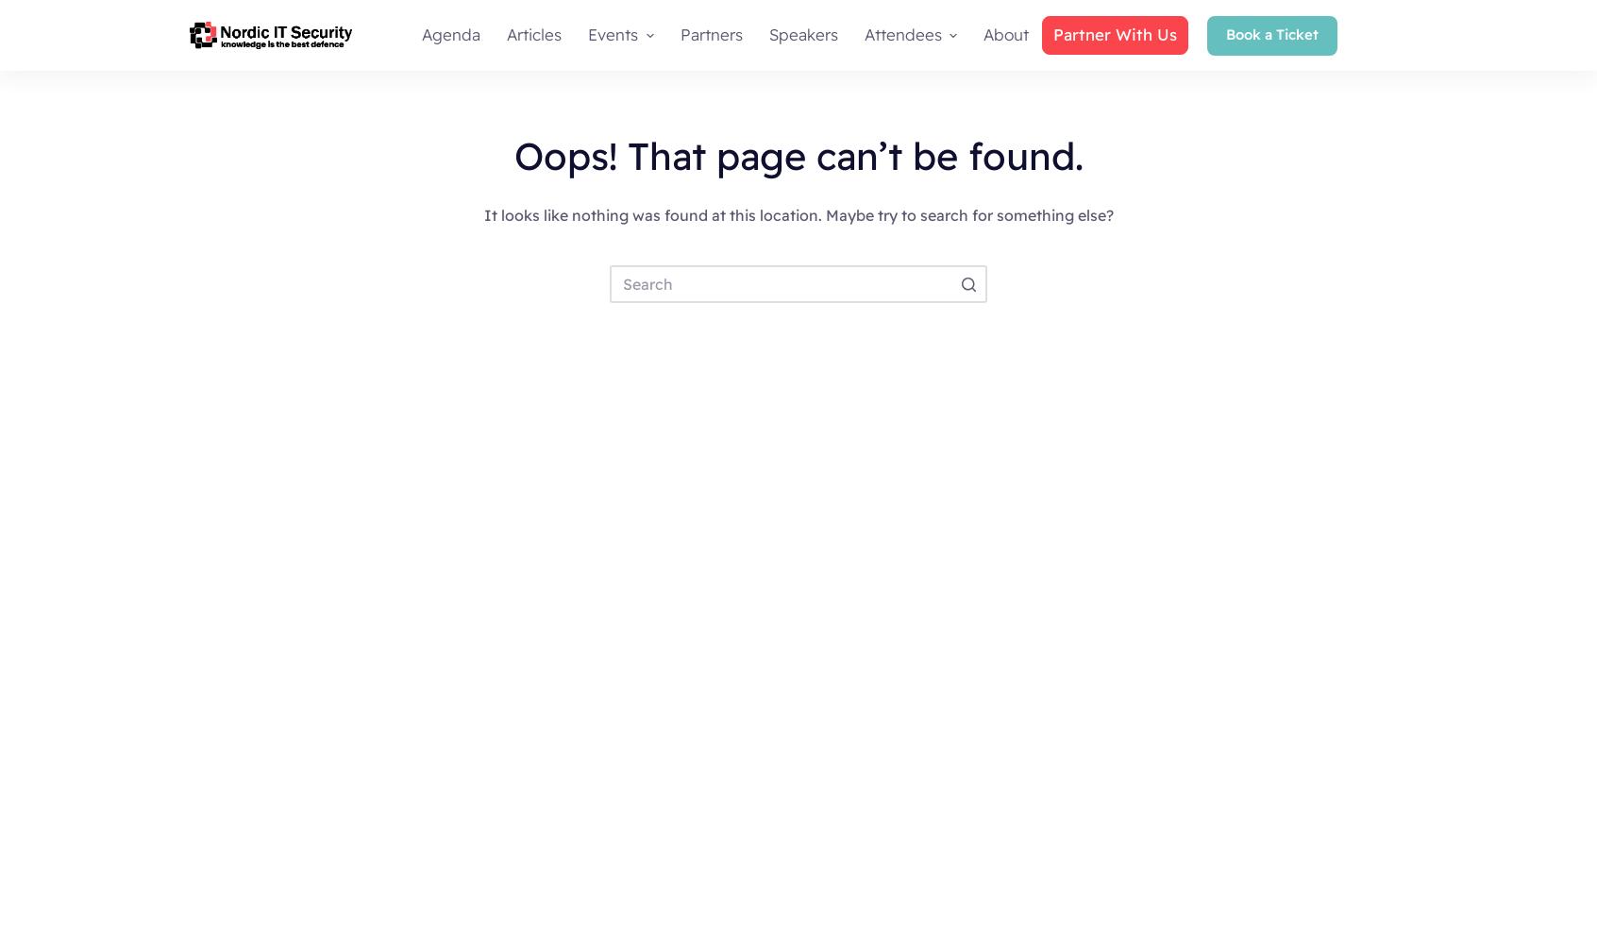 The height and width of the screenshot is (944, 1597). Describe the element at coordinates (913, 101) in the screenshot. I see `'Attendees 2023'` at that location.